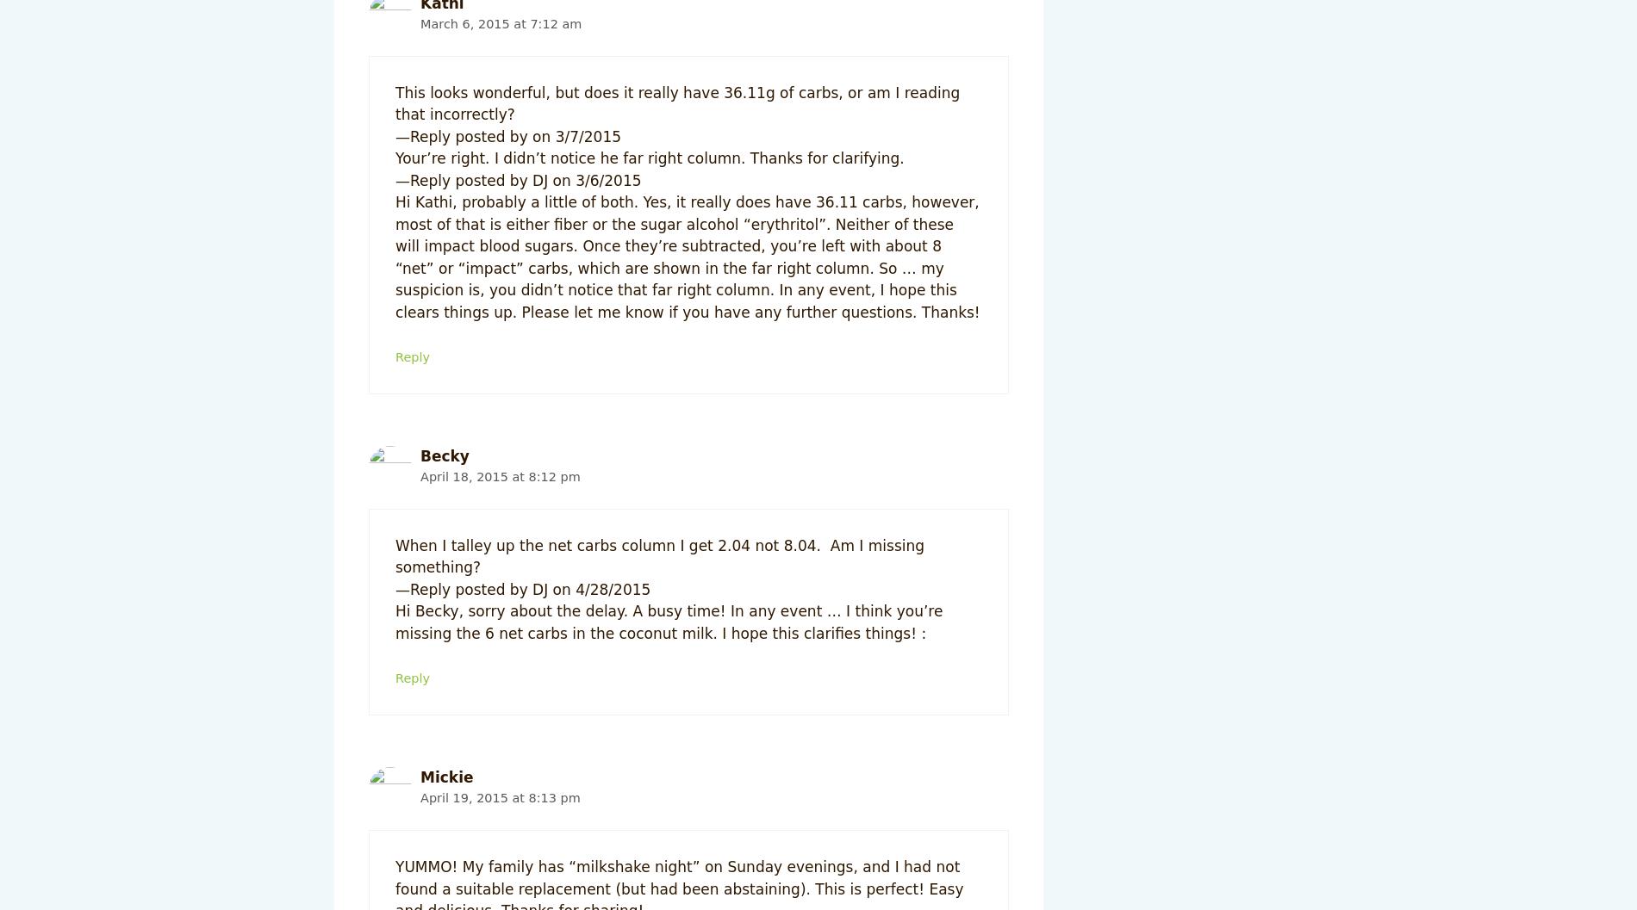  I want to click on 'Hi Becky, sorry about the delay.  A busy time!  In any event … I think you’re missing the 6 net carbs in the coconut milk.  I hope this clarifies things! :', so click(668, 621).